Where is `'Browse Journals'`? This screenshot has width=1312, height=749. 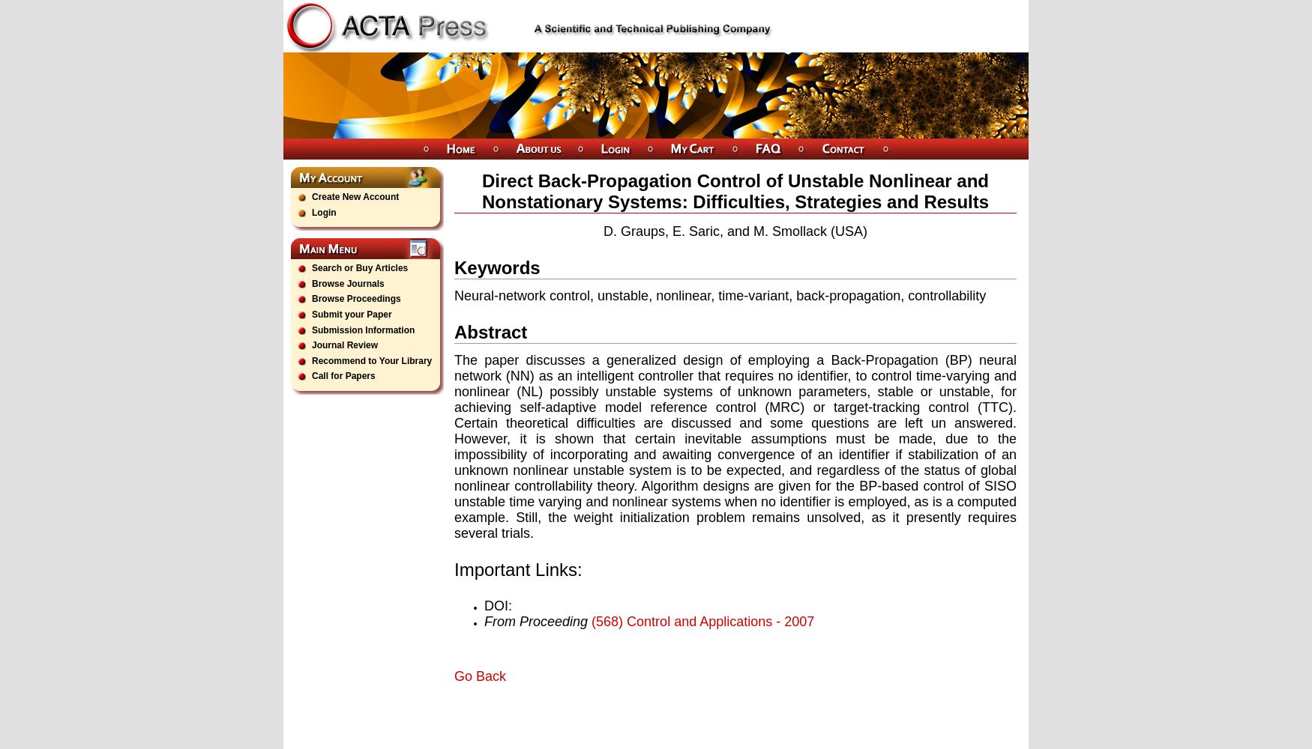
'Browse Journals' is located at coordinates (347, 283).